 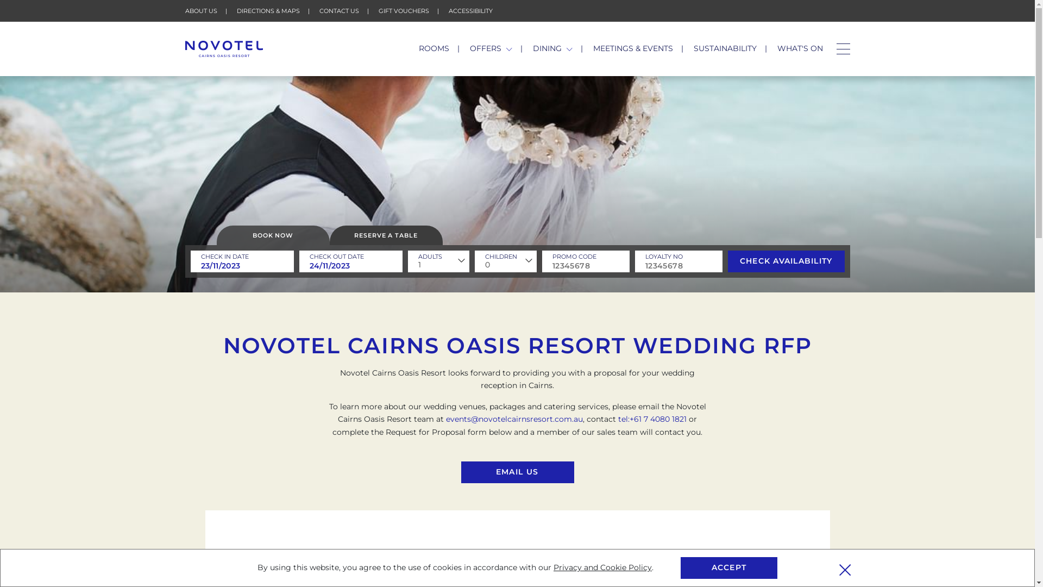 What do you see at coordinates (268, 10) in the screenshot?
I see `'DIRECTIONS & MAPS'` at bounding box center [268, 10].